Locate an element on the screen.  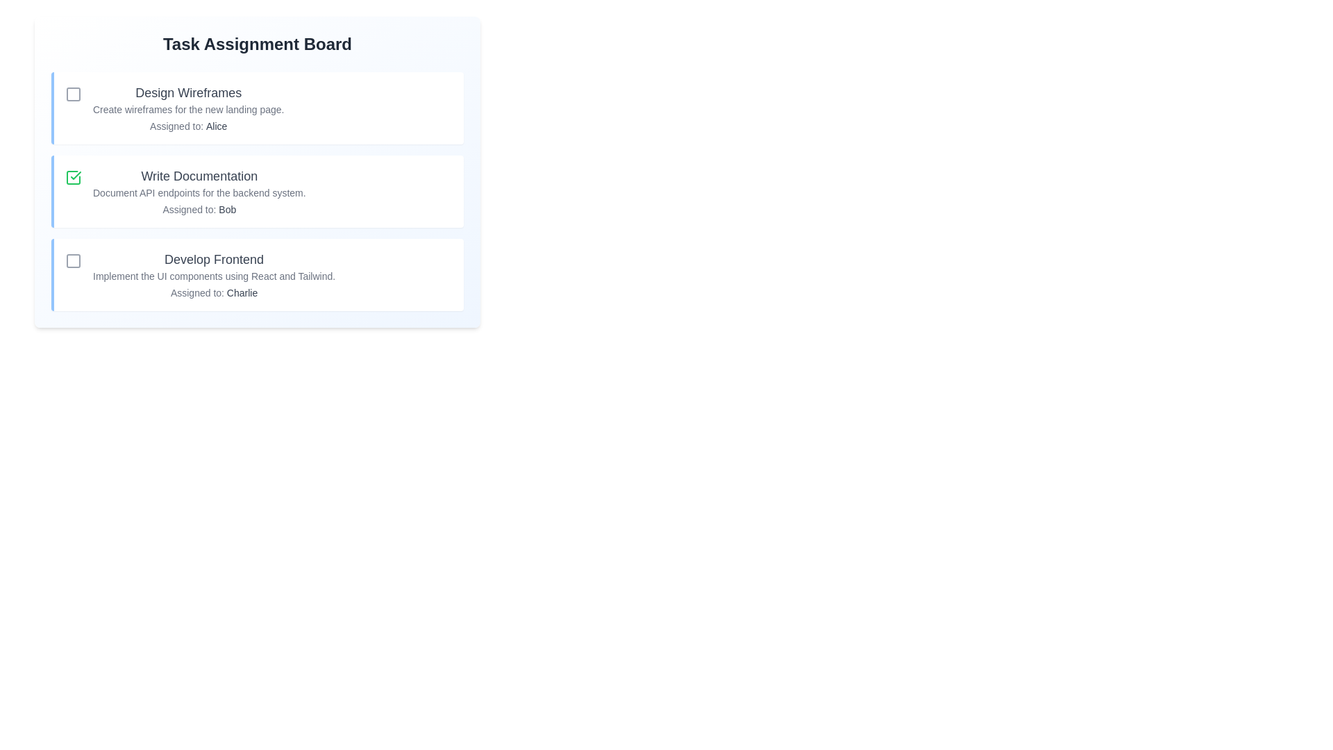
the text label 'Assigned to: Bob', which is located at the bottom of the 'Write Documentation' task card, following the description text 'Document API endpoints for the backend system.' is located at coordinates (199, 209).